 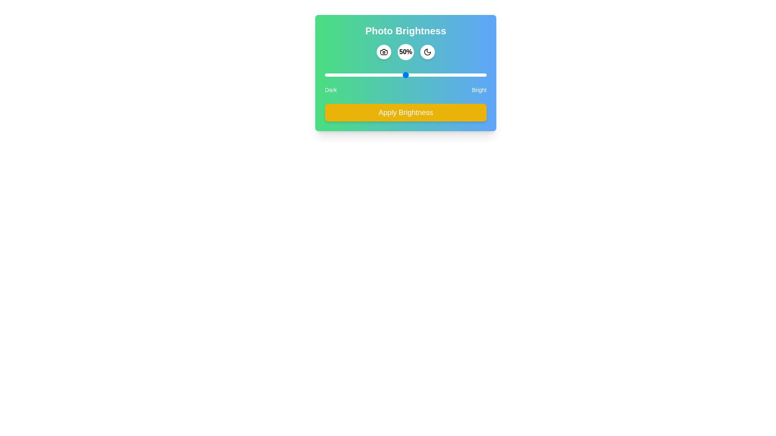 I want to click on the brightness slider to 55%, so click(x=413, y=75).